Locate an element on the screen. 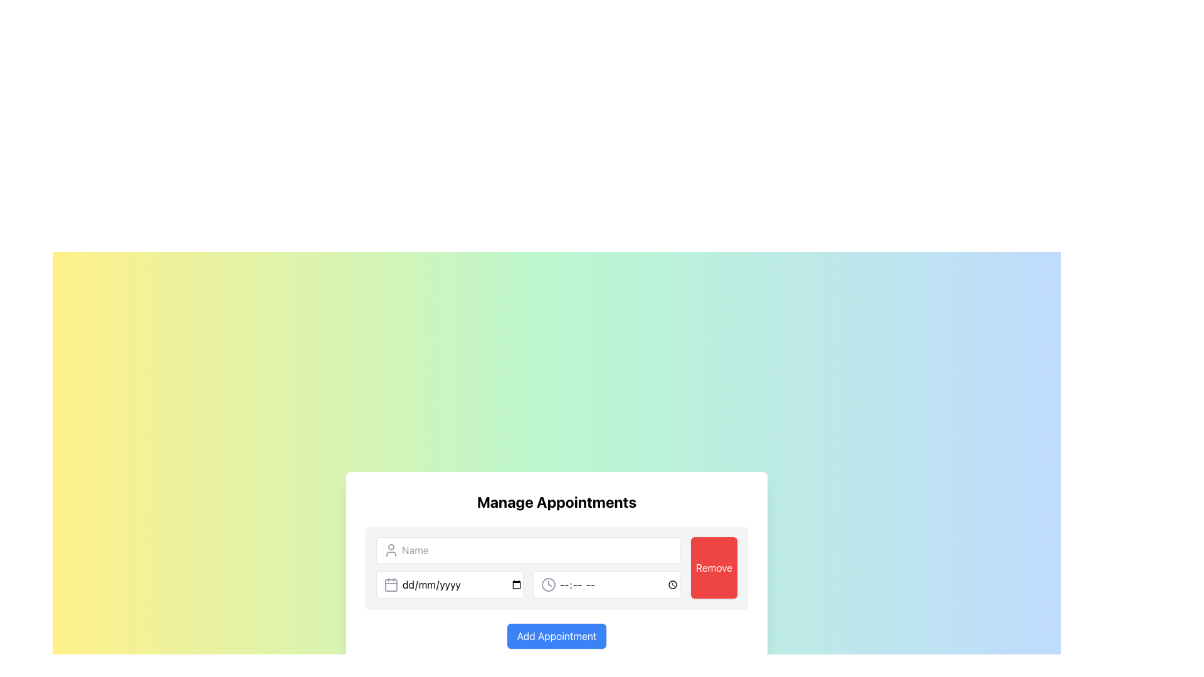  the 'Add Appointment' button located below the 'Manage Appointments' section, positioned centrally and to the right of the 'Remove' button is located at coordinates (556, 636).